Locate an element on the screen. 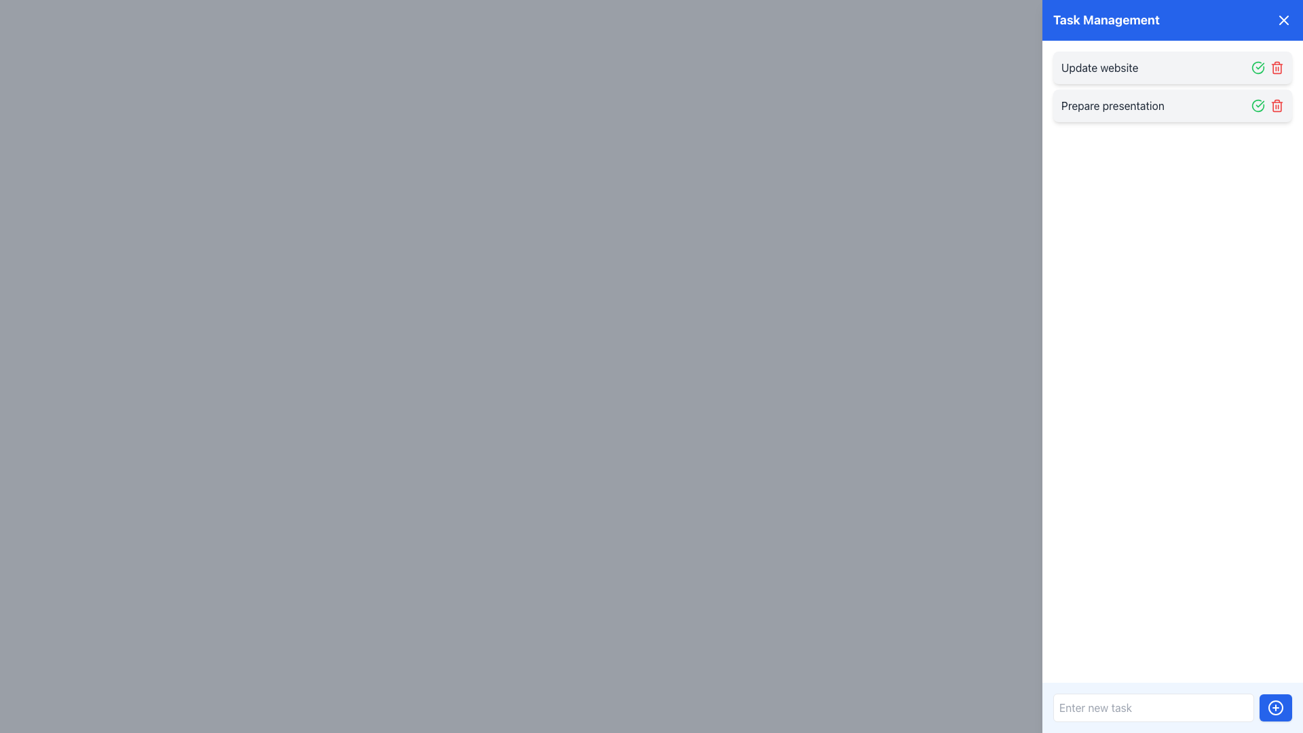  the small 'X' button located at the top-right corner of the blue header bar labeled 'Task Management' is located at coordinates (1283, 20).